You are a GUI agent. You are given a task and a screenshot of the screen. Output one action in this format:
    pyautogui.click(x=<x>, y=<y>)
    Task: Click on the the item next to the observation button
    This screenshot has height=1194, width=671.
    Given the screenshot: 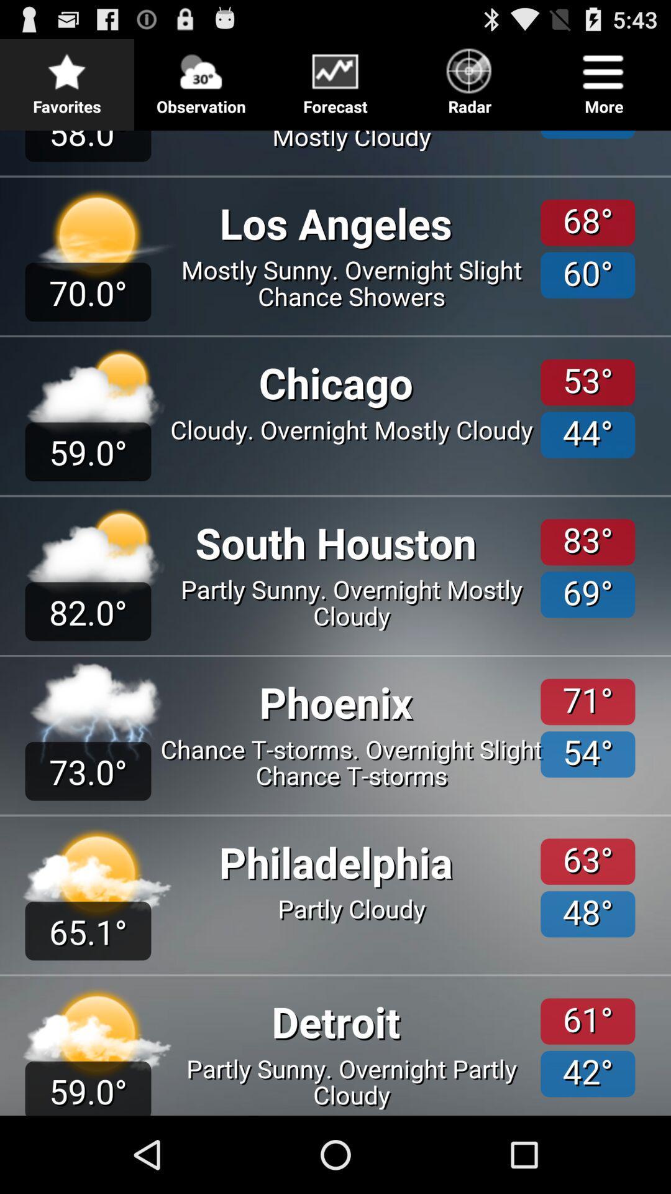 What is the action you would take?
    pyautogui.click(x=67, y=77)
    